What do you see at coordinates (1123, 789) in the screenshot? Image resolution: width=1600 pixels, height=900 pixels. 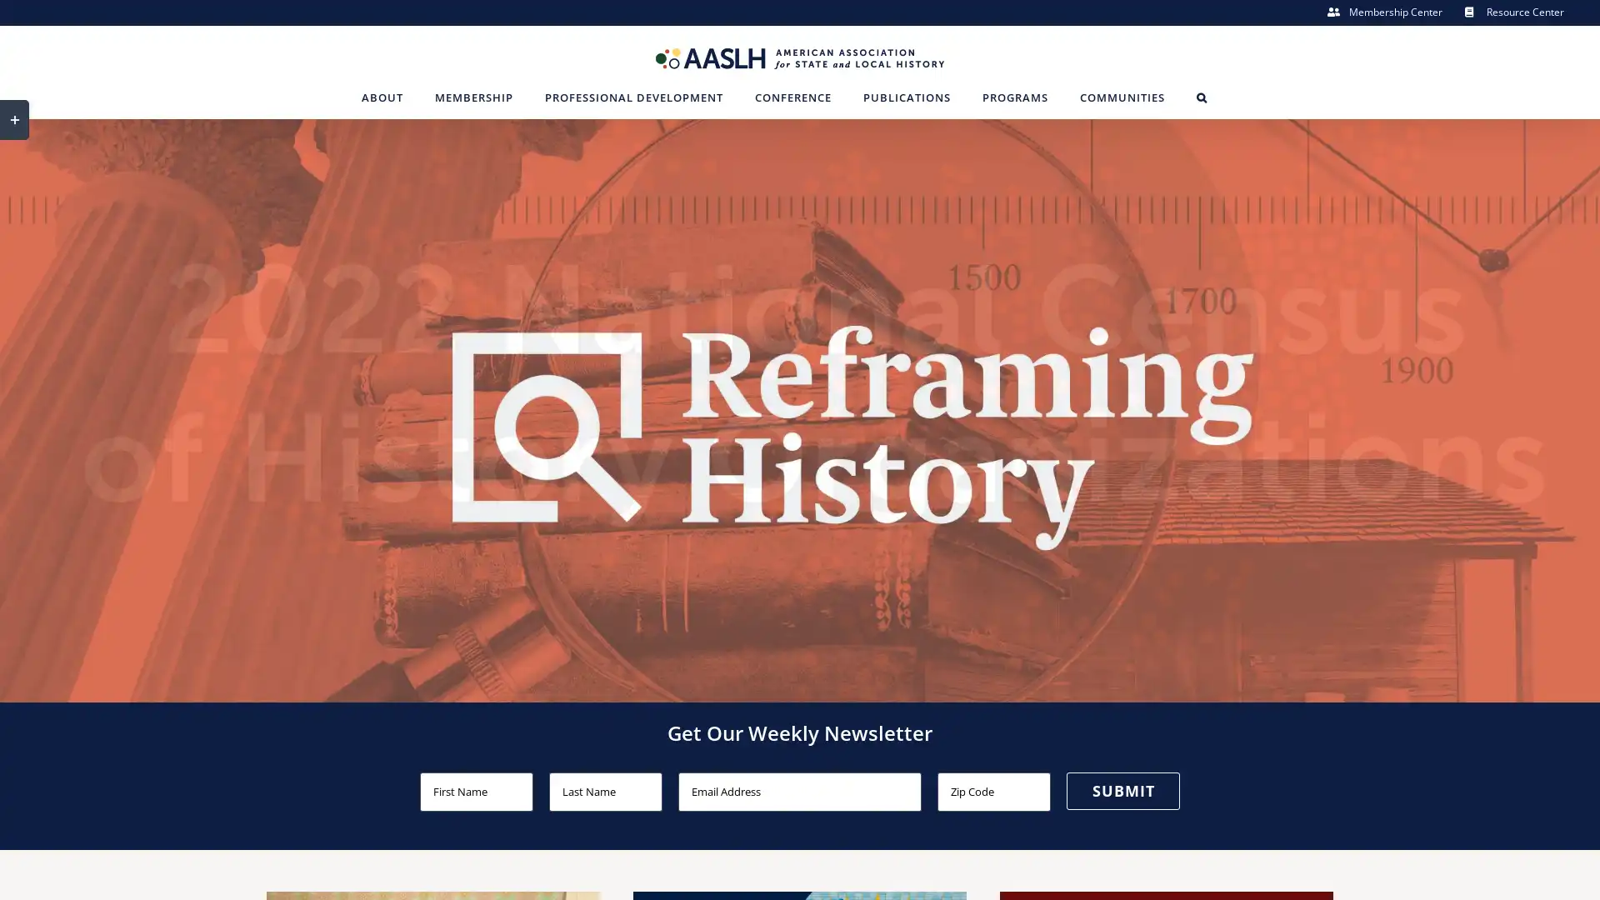 I see `Submit` at bounding box center [1123, 789].